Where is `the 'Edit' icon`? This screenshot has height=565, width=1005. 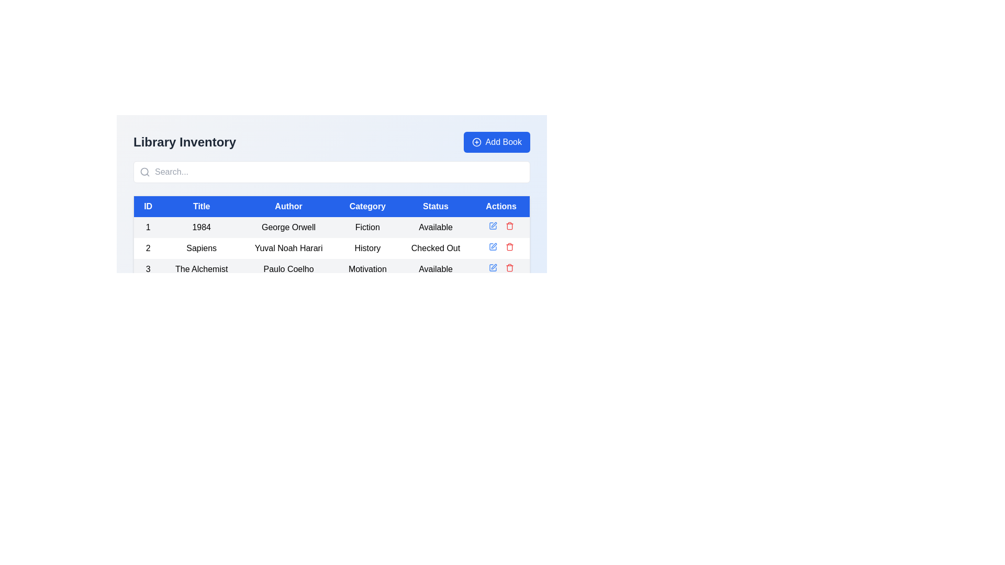 the 'Edit' icon is located at coordinates (492, 225).